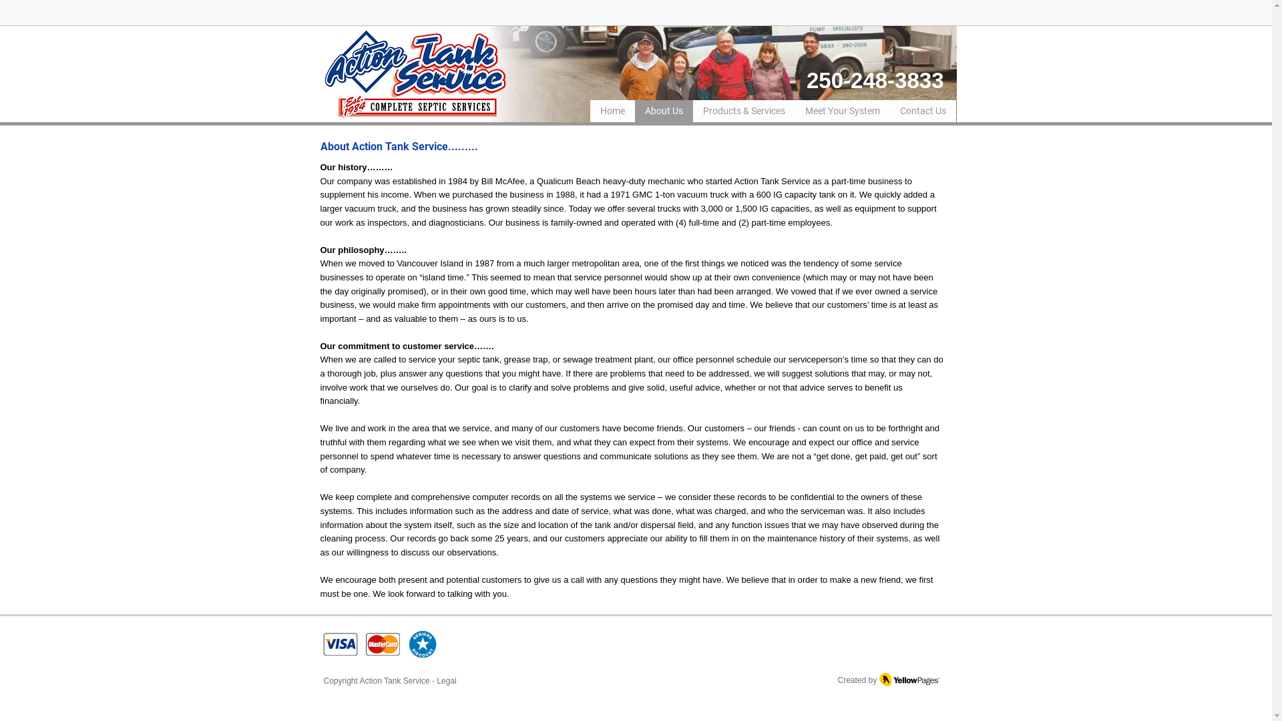  What do you see at coordinates (612, 110) in the screenshot?
I see `'Home'` at bounding box center [612, 110].